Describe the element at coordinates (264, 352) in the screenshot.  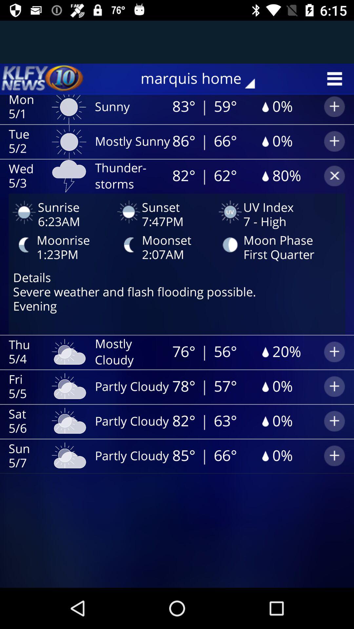
I see `the icon  which is left to the text 20` at that location.